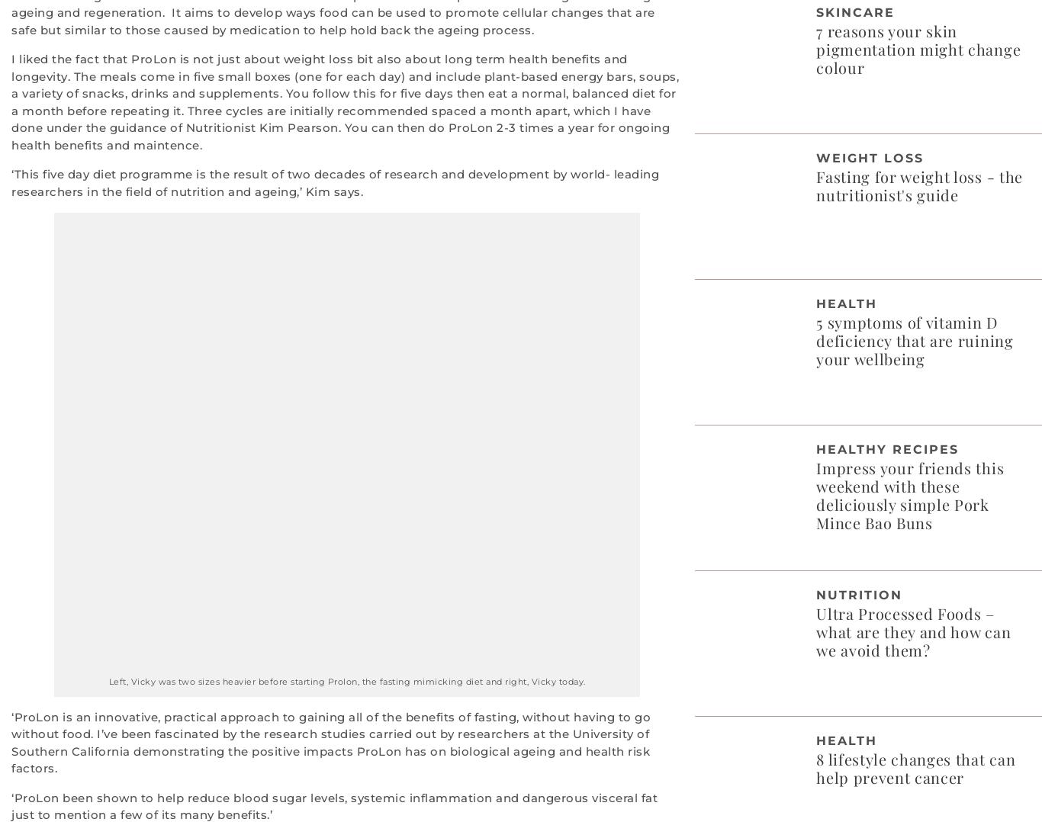 The image size is (1042, 822). I want to click on 'Ultra Processed Foods – what are they and how can we avoid them?', so click(913, 631).